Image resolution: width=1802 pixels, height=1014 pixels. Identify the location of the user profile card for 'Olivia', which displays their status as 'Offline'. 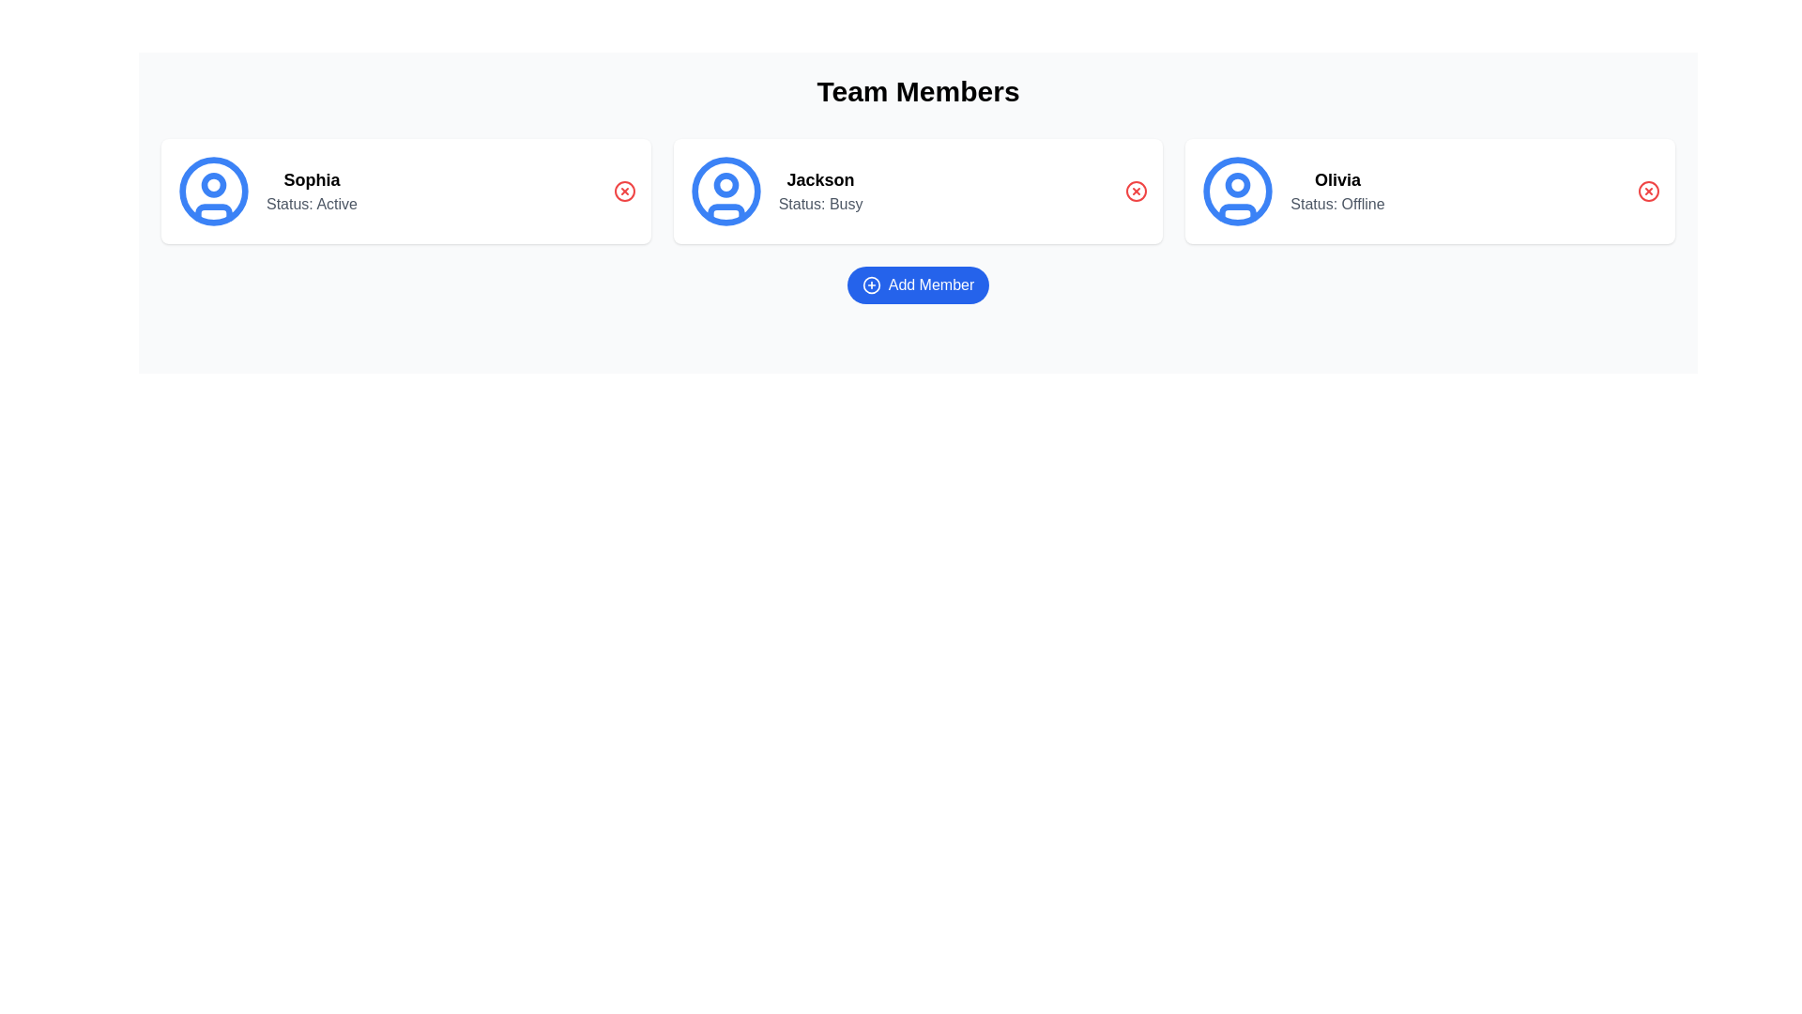
(1291, 192).